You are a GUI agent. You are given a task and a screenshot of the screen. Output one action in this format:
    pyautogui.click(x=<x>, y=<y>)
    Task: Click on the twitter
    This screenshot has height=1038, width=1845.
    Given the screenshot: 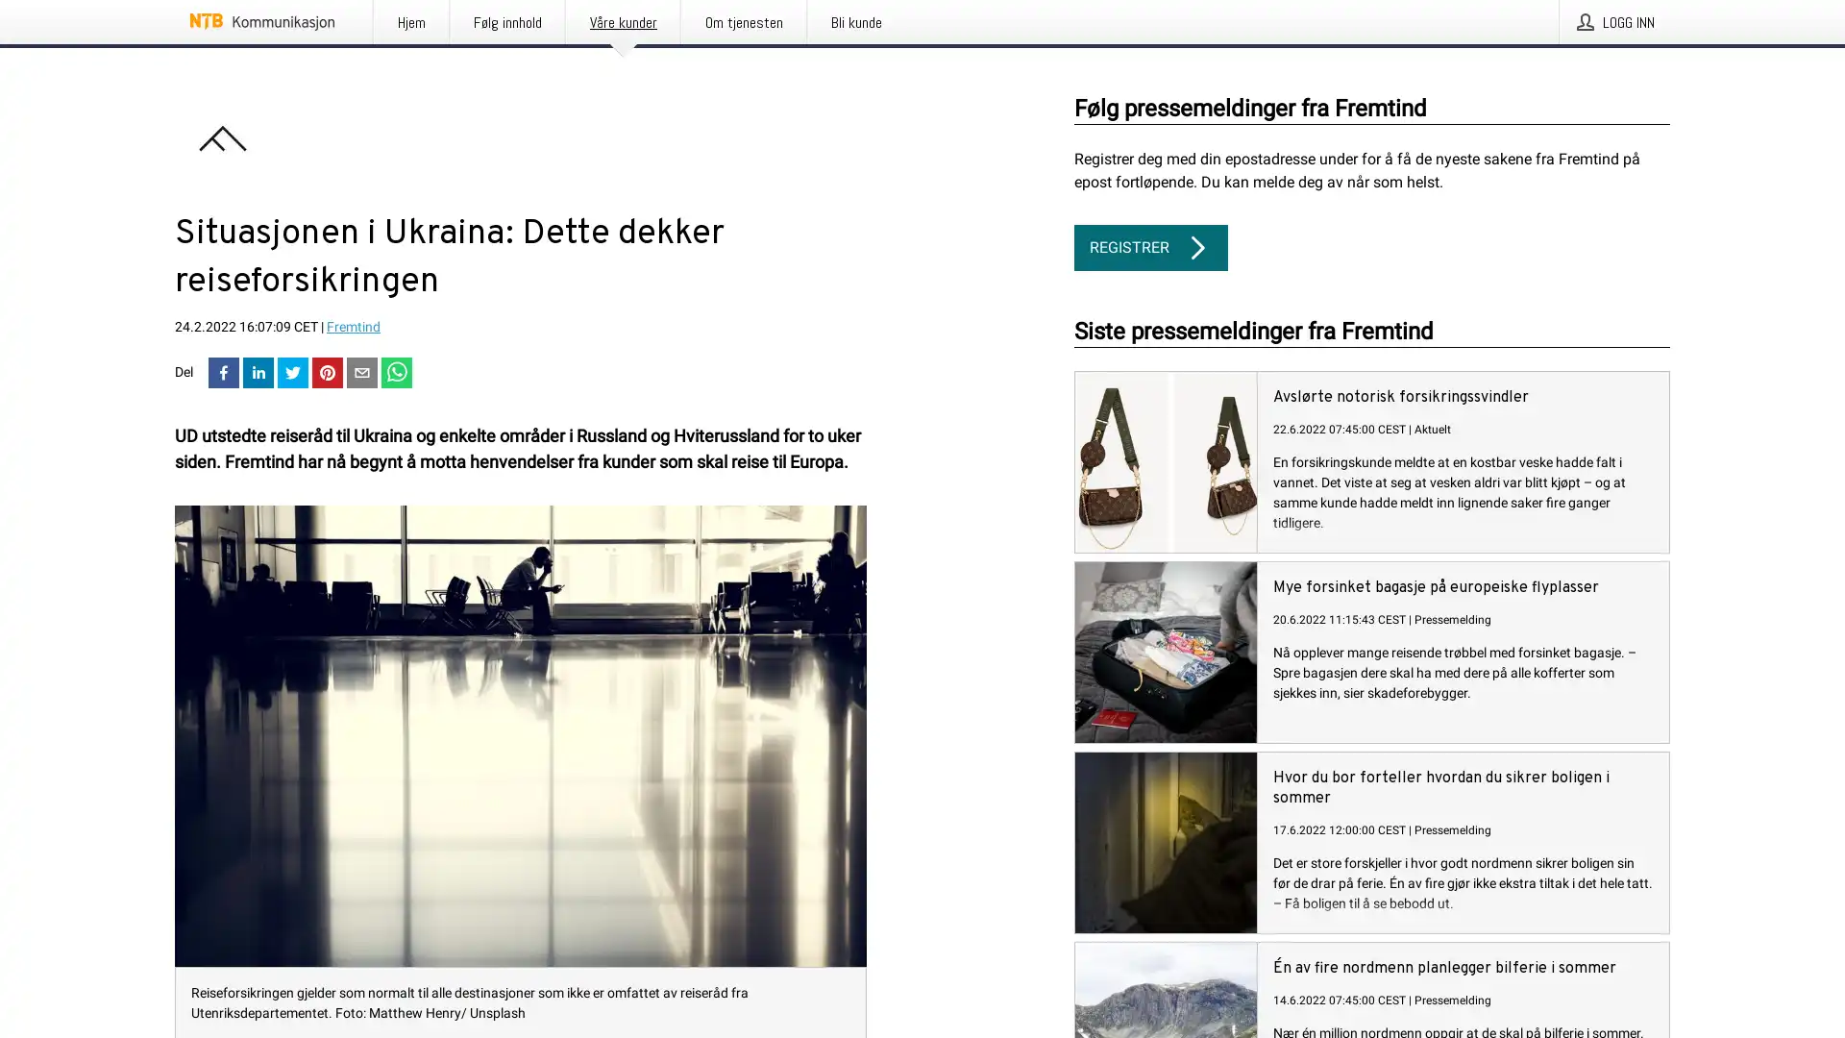 What is the action you would take?
    pyautogui.click(x=292, y=374)
    